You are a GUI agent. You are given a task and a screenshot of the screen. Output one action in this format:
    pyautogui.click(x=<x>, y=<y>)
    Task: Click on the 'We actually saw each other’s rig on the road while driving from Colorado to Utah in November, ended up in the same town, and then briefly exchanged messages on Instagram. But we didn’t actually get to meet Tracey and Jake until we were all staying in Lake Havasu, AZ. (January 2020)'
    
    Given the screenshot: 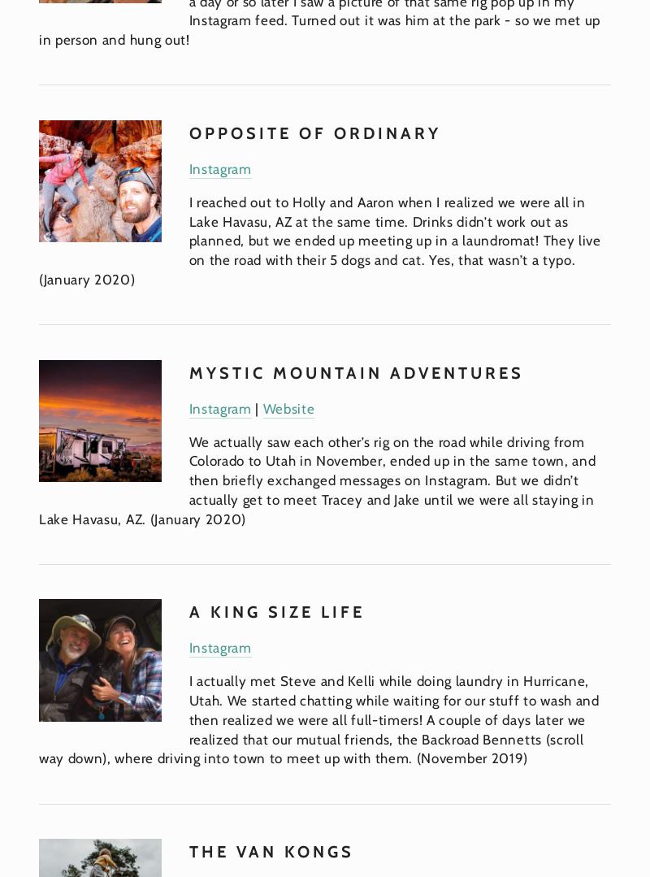 What is the action you would take?
    pyautogui.click(x=318, y=480)
    